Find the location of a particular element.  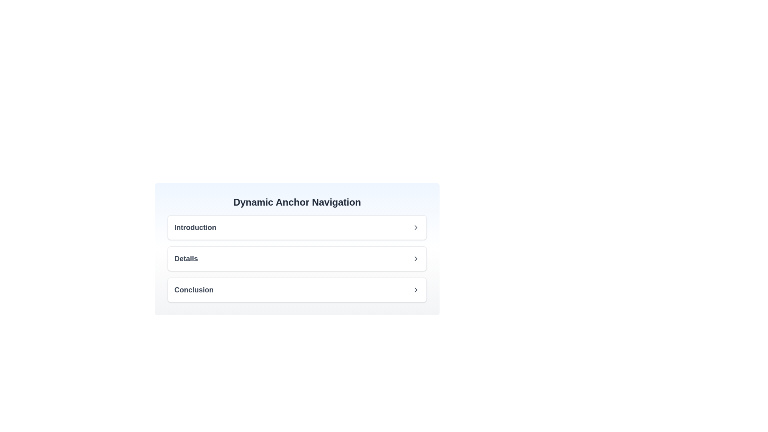

the prominently displayed text block styled with bold, large-size font in dark gray color that reads 'Dynamic Anchor Navigation,' located at the top of a card-like layout is located at coordinates (297, 202).